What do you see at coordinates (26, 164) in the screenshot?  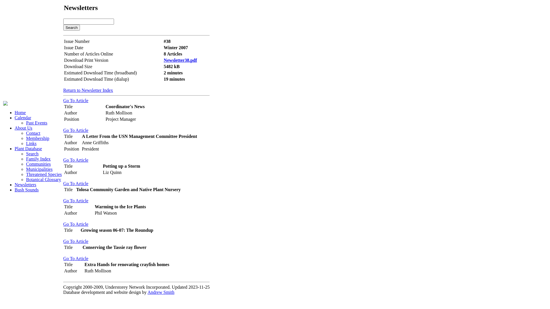 I see `'Communities'` at bounding box center [26, 164].